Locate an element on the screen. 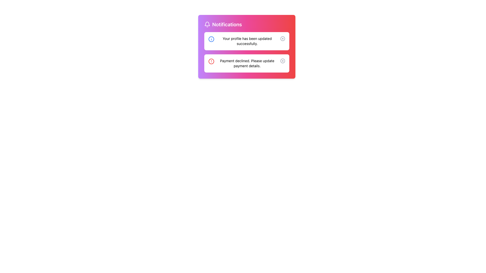 The image size is (486, 273). the Notification Panel that displays updates and alerts to the user, being the first subsection among its siblings is located at coordinates (247, 47).